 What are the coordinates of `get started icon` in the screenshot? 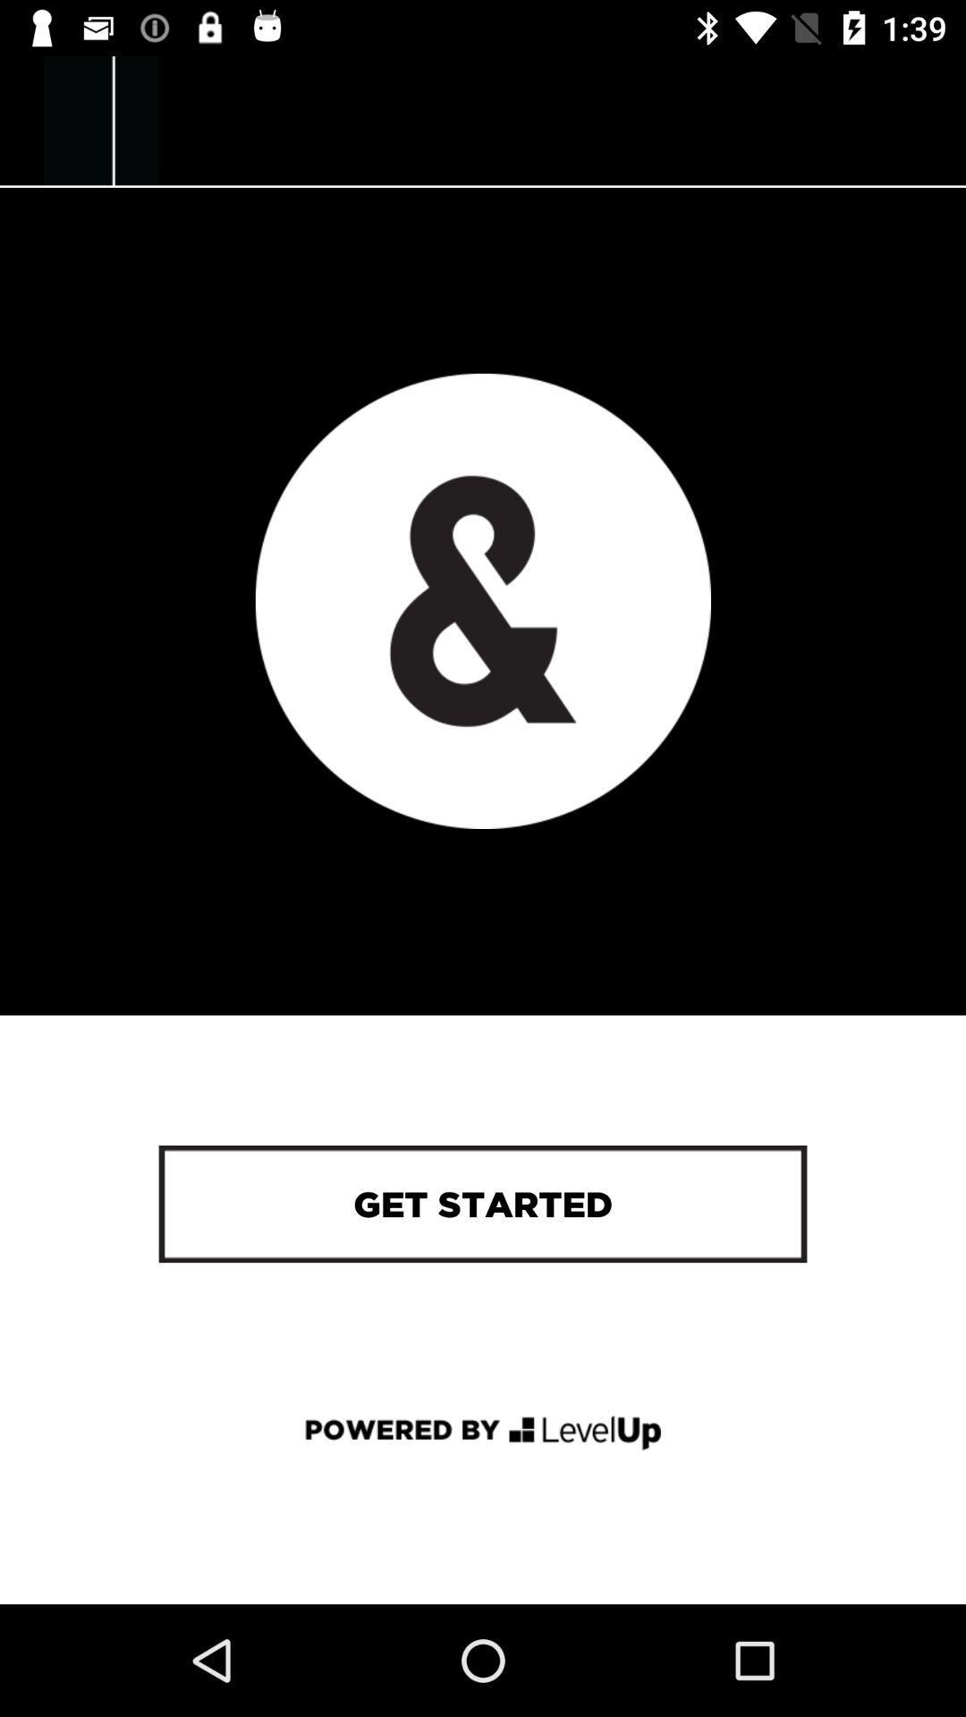 It's located at (483, 1204).